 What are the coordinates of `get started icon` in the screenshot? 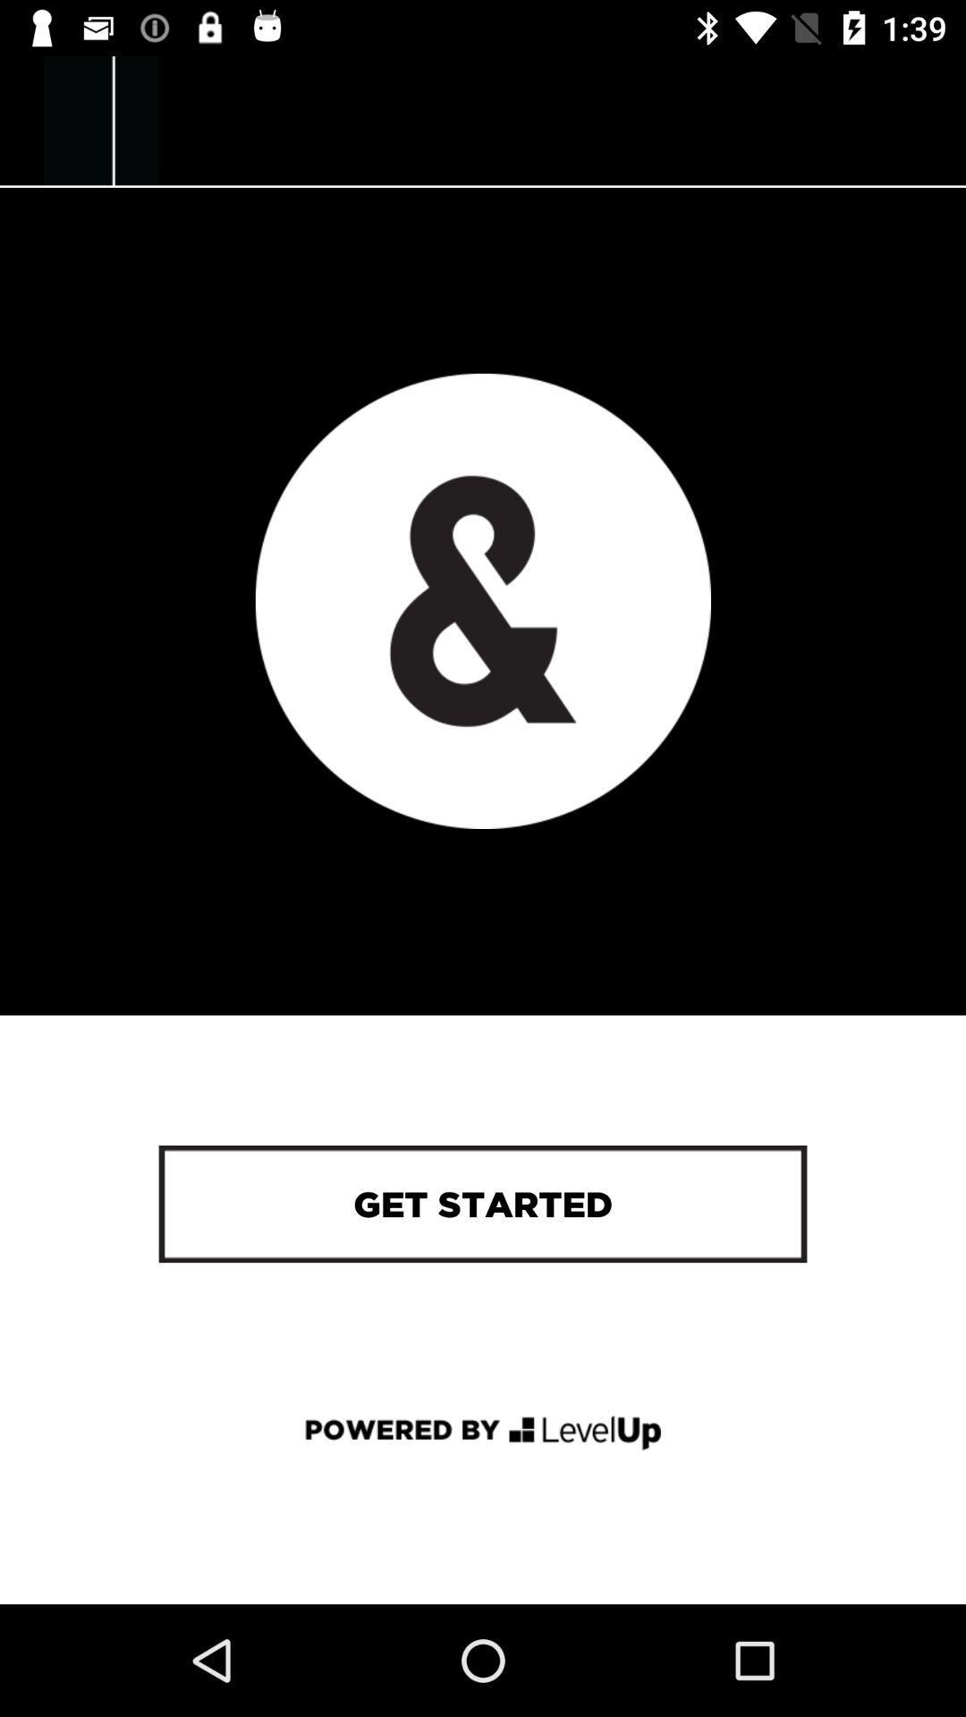 It's located at (483, 1204).